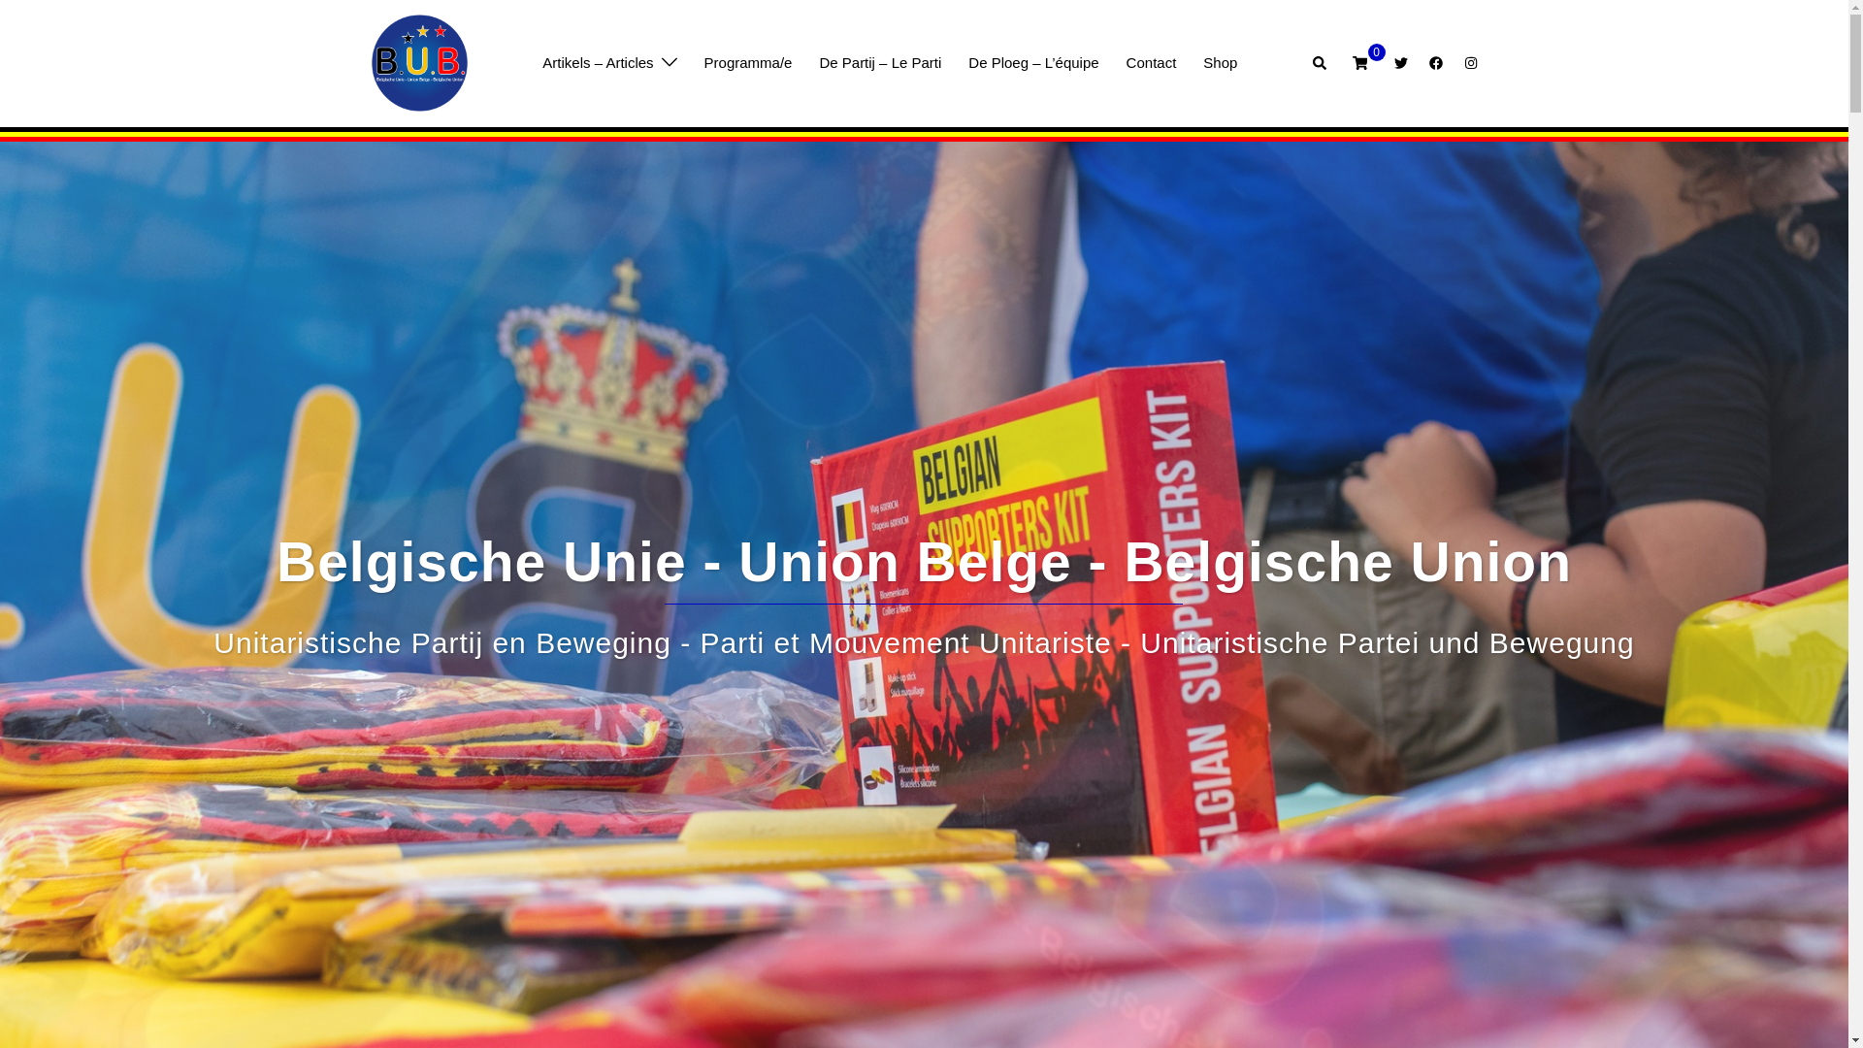 This screenshot has height=1048, width=1863. Describe the element at coordinates (1390, 60) in the screenshot. I see `'https://twitter.com/bub_belg'` at that location.